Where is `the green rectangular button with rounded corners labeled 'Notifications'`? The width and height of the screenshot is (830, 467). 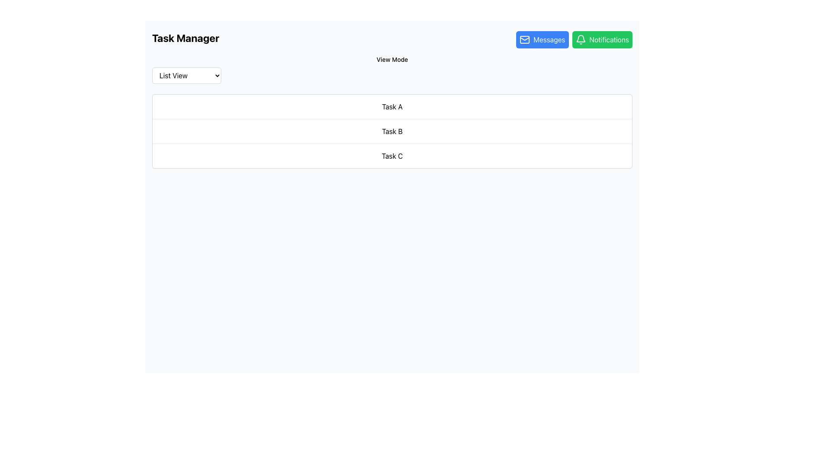 the green rectangular button with rounded corners labeled 'Notifications' is located at coordinates (601, 40).